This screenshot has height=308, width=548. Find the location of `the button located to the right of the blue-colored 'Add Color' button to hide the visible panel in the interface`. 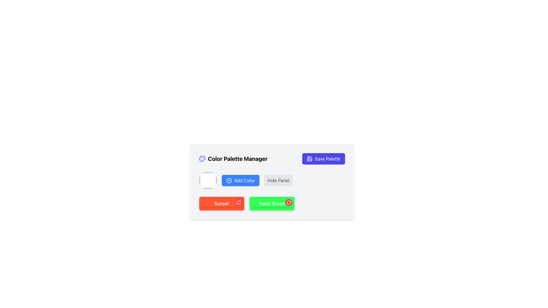

the button located to the right of the blue-colored 'Add Color' button to hide the visible panel in the interface is located at coordinates (278, 180).